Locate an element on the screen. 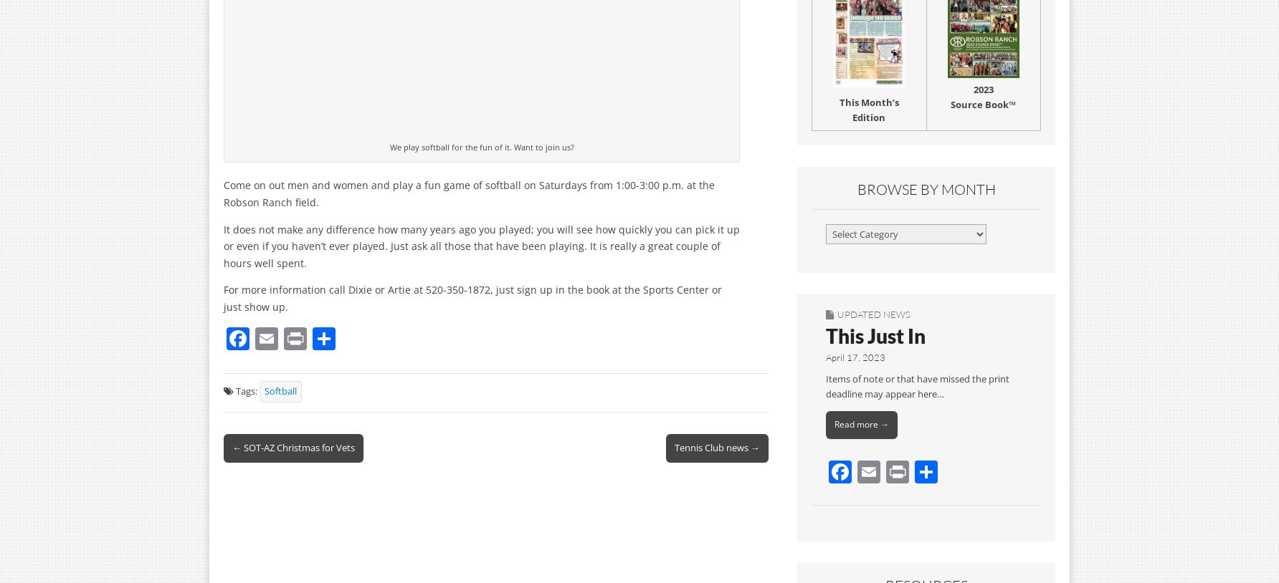 The image size is (1279, 583). 'Softball' is located at coordinates (280, 390).